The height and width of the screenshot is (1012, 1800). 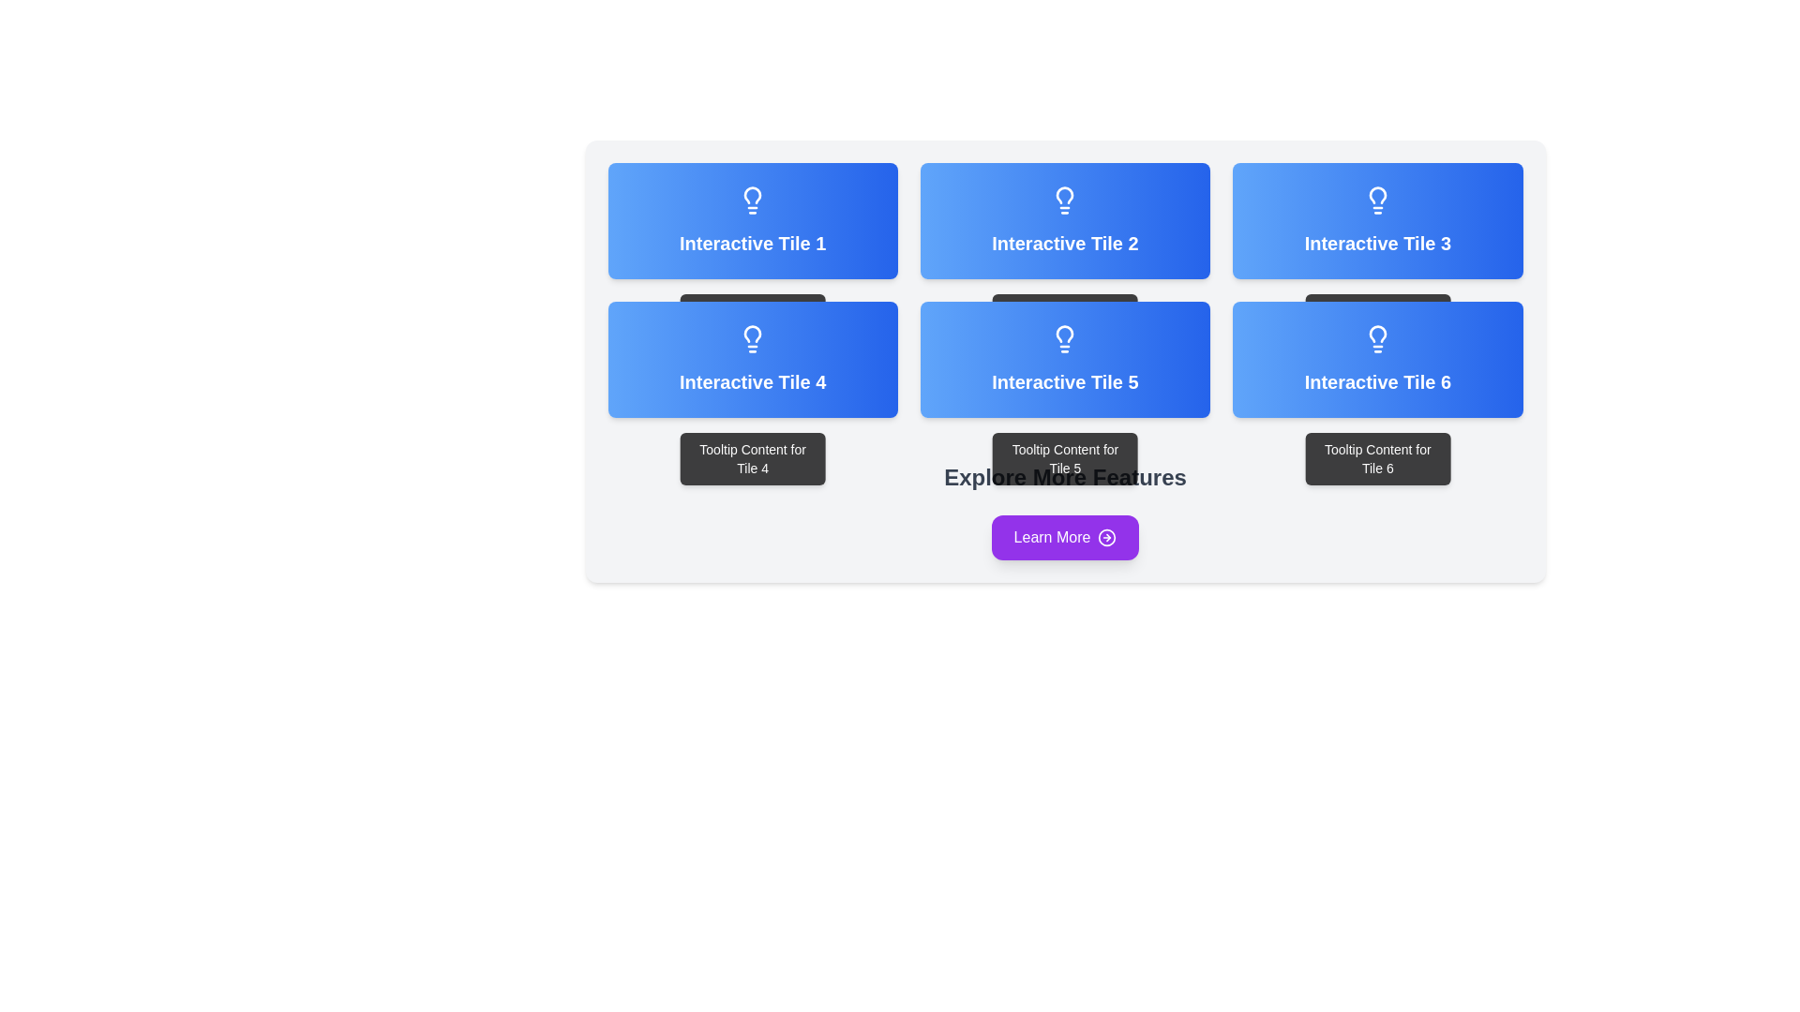 I want to click on the interactive tile labeled 'Interactive Tile 3', so click(x=1377, y=219).